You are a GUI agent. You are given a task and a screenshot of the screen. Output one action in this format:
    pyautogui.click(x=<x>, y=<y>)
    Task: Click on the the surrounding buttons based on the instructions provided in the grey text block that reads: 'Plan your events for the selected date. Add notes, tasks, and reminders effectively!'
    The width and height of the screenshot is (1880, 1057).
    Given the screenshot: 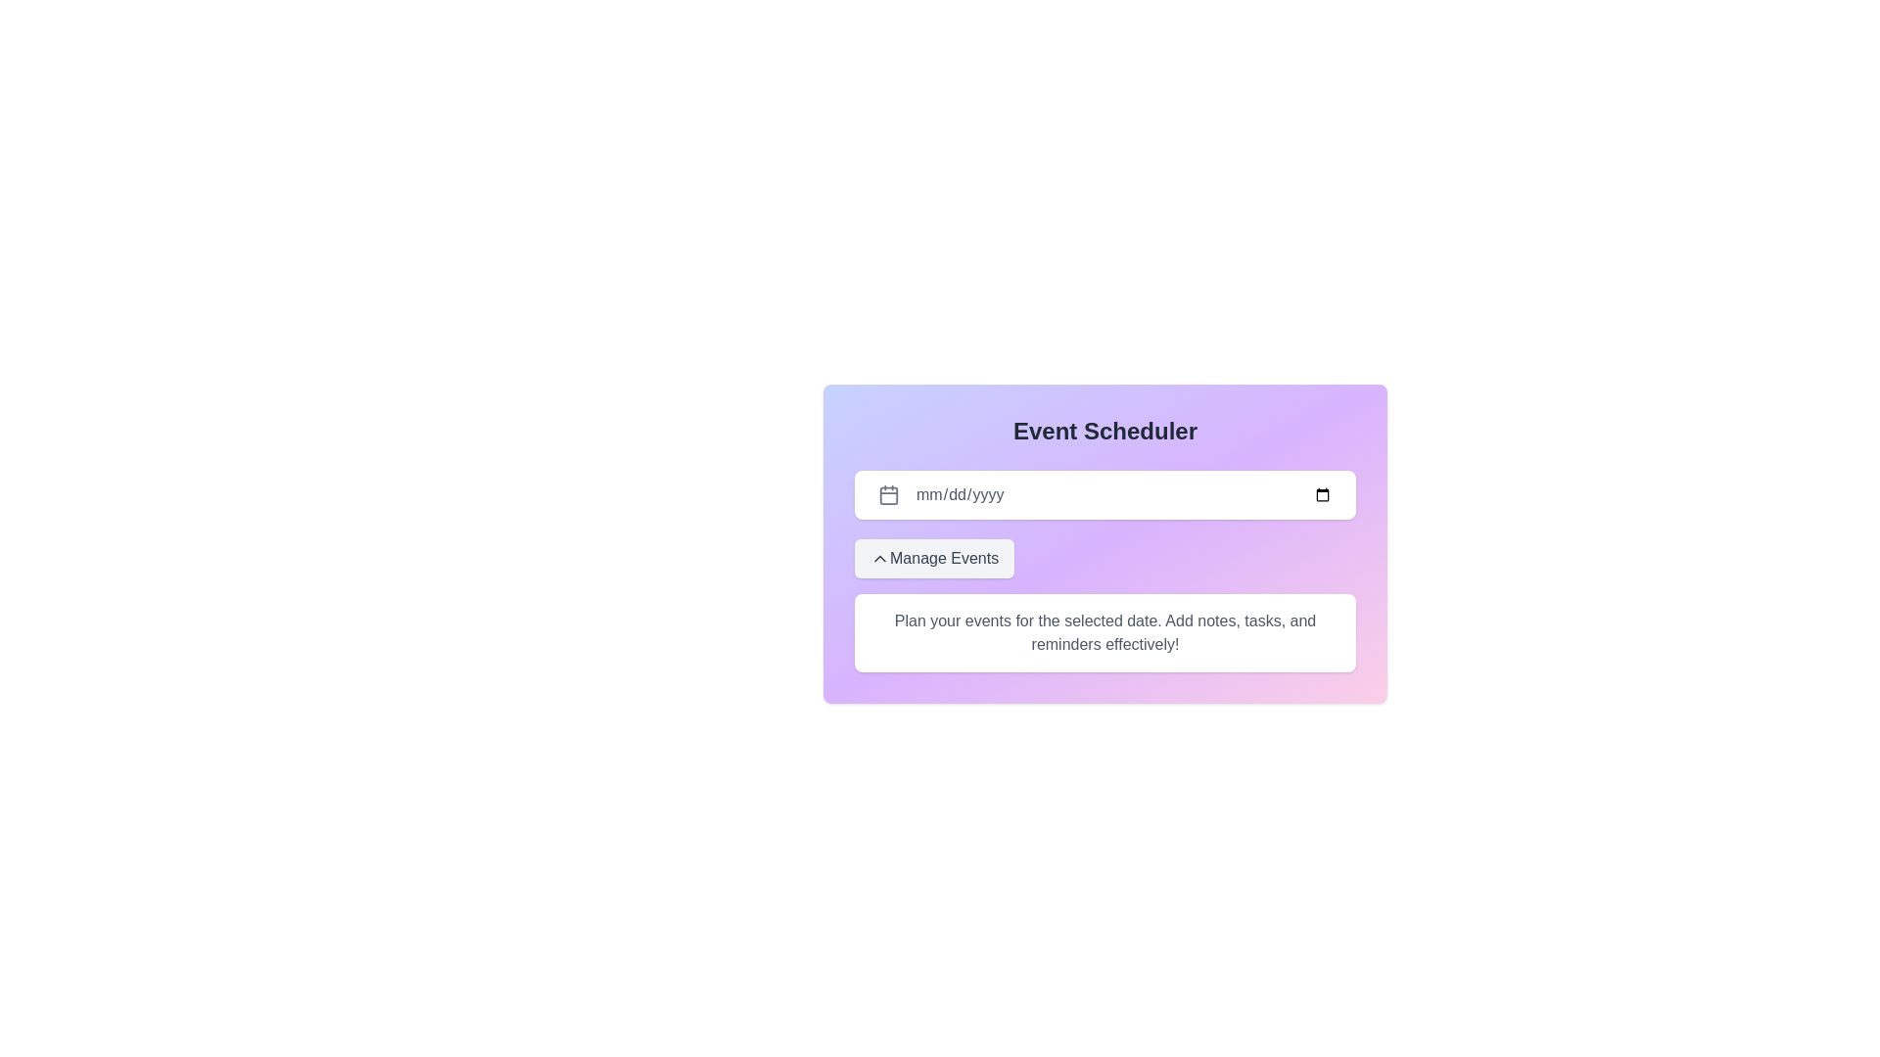 What is the action you would take?
    pyautogui.click(x=1104, y=633)
    